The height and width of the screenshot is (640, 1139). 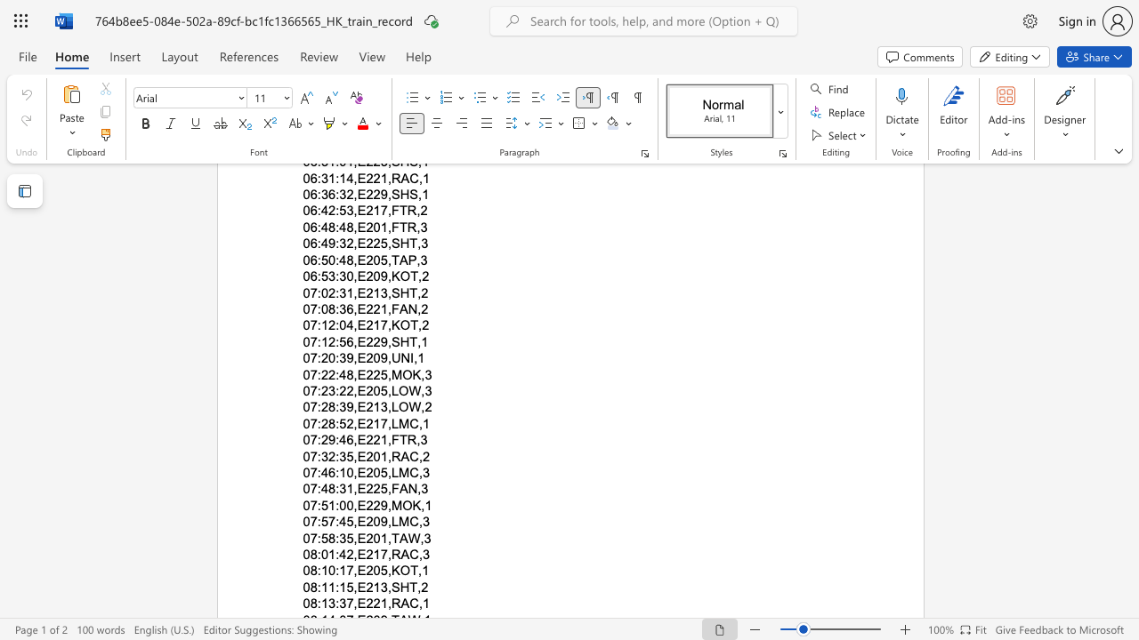 What do you see at coordinates (328, 389) in the screenshot?
I see `the space between the continuous character "2" and "3" in the text` at bounding box center [328, 389].